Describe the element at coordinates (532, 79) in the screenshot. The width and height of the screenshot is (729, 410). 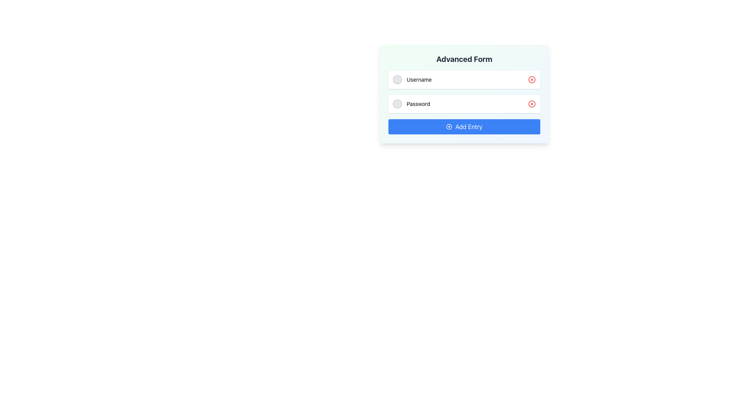
I see `the decorative or functional graphical icon located to the right of the 'Username' text field` at that location.